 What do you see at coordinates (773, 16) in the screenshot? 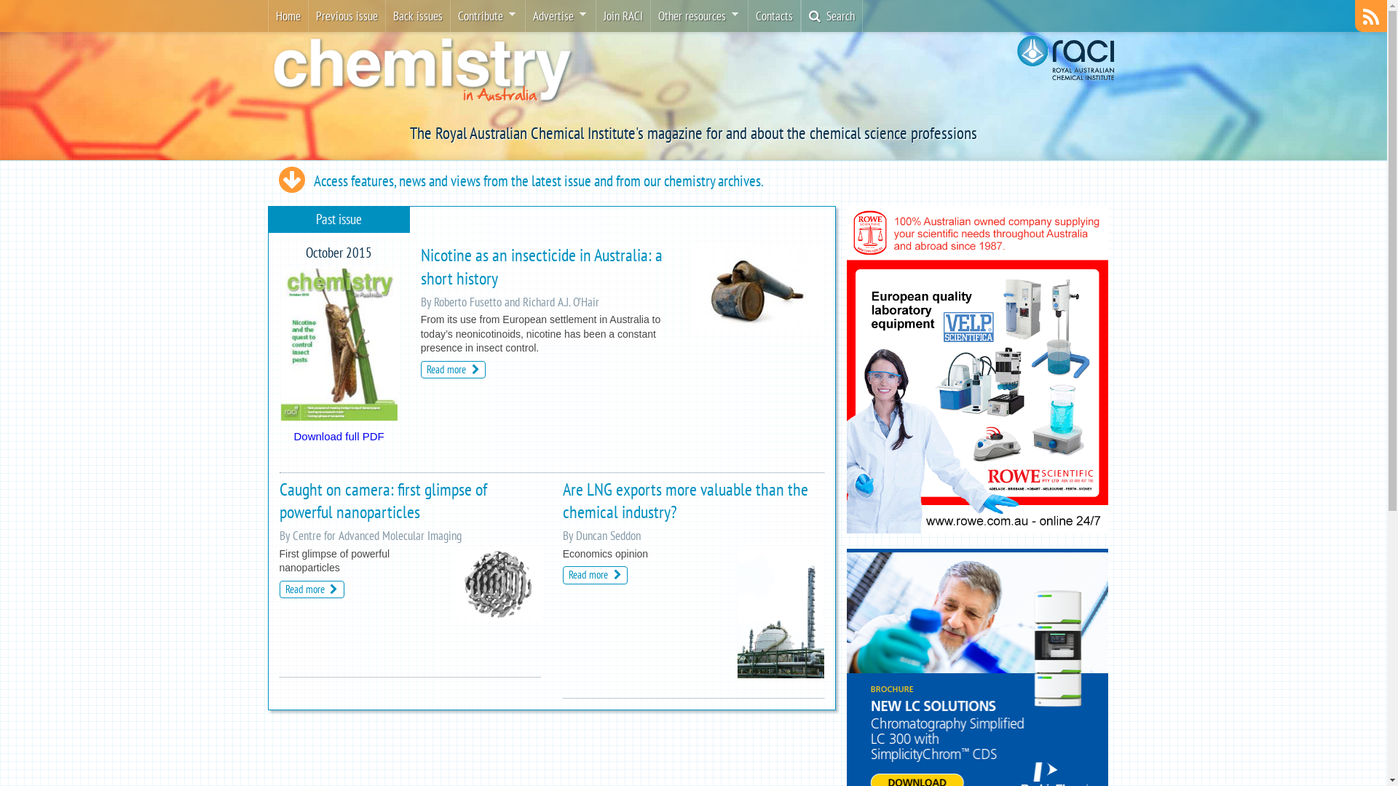
I see `'Contacts'` at bounding box center [773, 16].